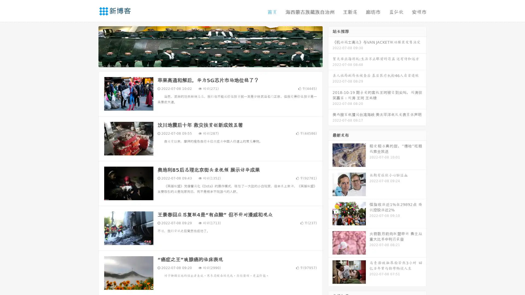 Image resolution: width=525 pixels, height=295 pixels. Describe the element at coordinates (90, 46) in the screenshot. I see `Previous slide` at that location.